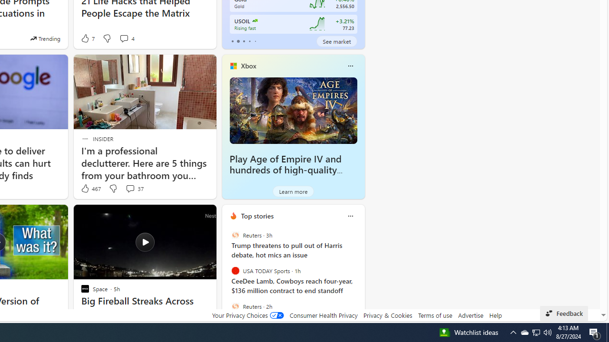 This screenshot has height=342, width=609. What do you see at coordinates (244, 41) in the screenshot?
I see `'tab-2'` at bounding box center [244, 41].